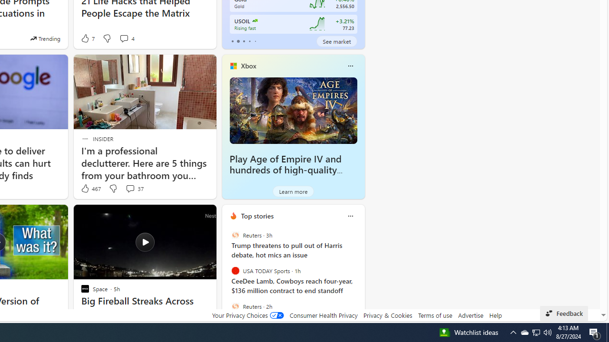 This screenshot has height=342, width=609. What do you see at coordinates (244, 41) in the screenshot?
I see `'tab-2'` at bounding box center [244, 41].